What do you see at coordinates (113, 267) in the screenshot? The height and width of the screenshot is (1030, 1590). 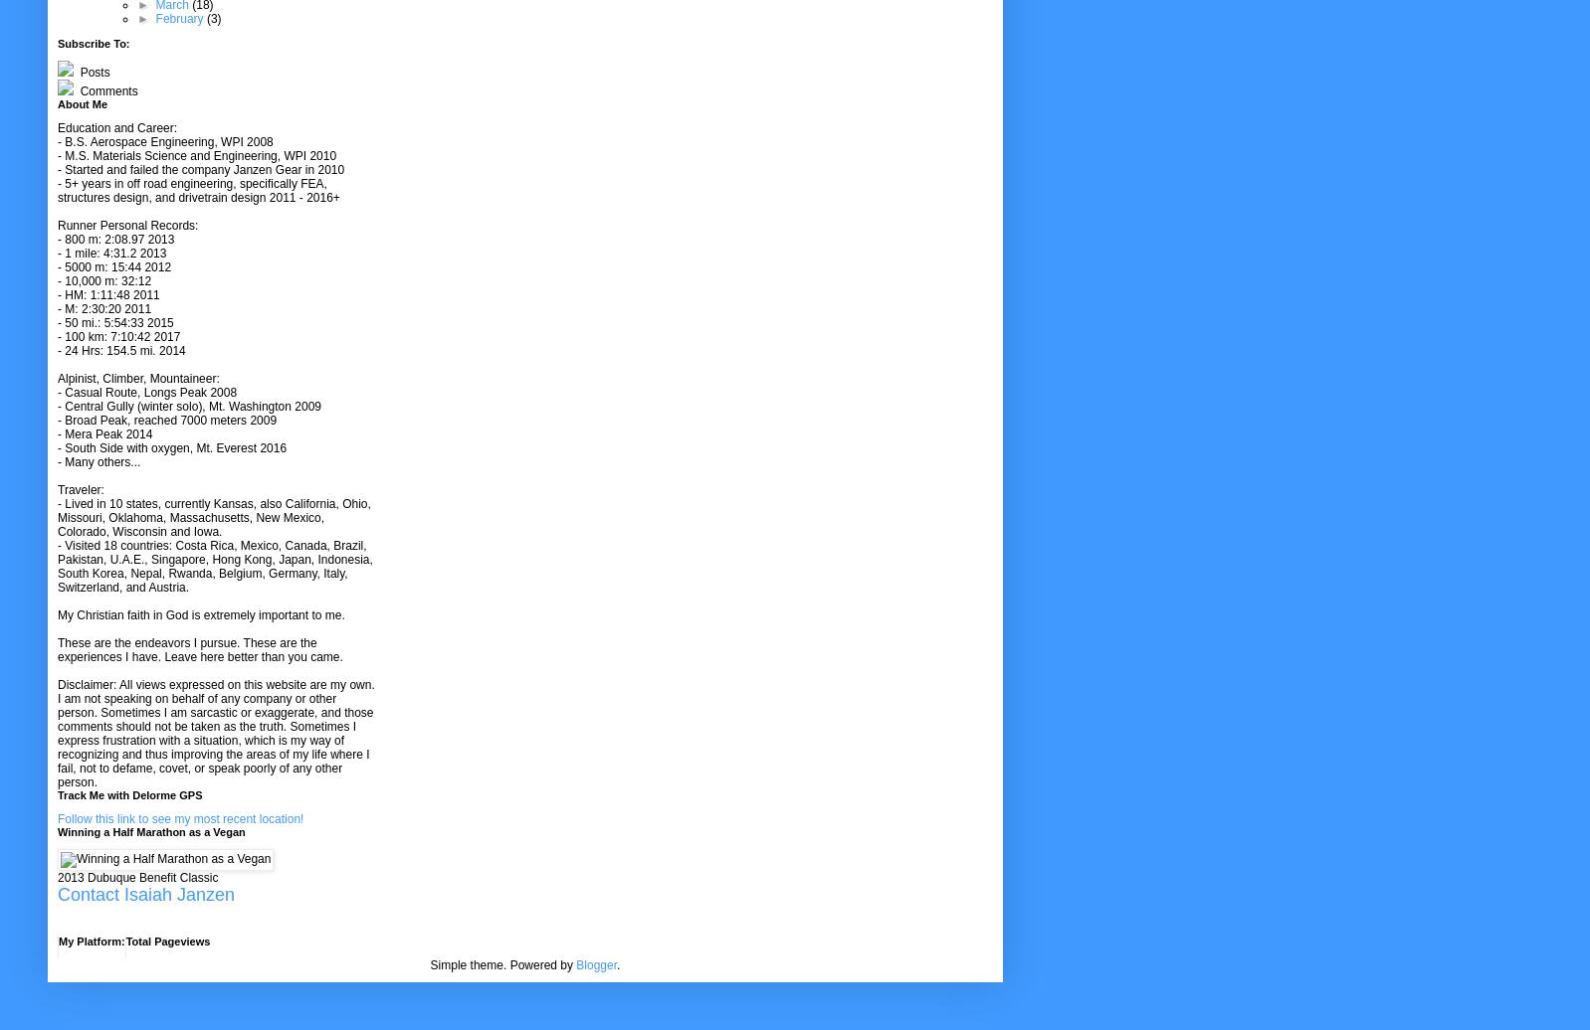 I see `'- 5000 m: 15:44 2012'` at bounding box center [113, 267].